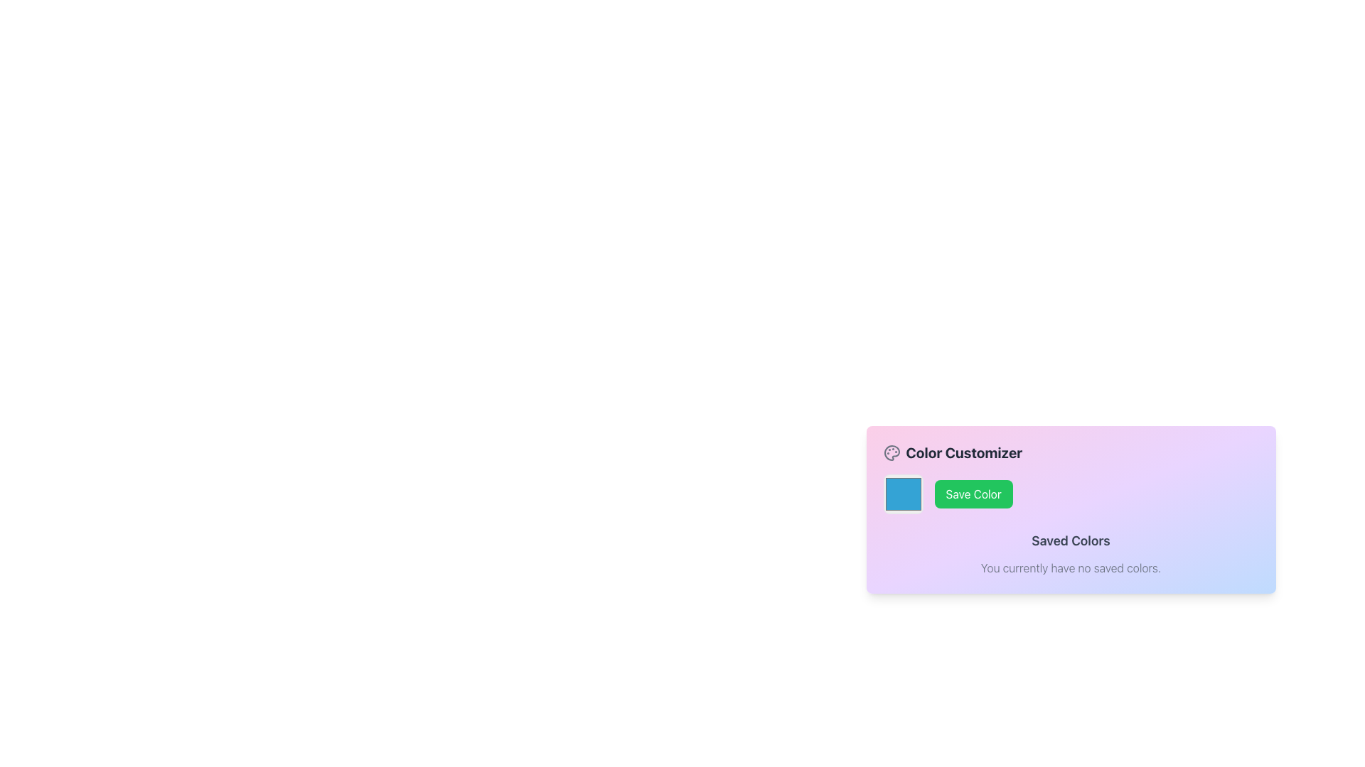 This screenshot has width=1365, height=767. What do you see at coordinates (891, 452) in the screenshot?
I see `the decorative palette icon with rounded edges that is positioned near the 'Color Customizer' text in the top-left region of the color customization tools card` at bounding box center [891, 452].